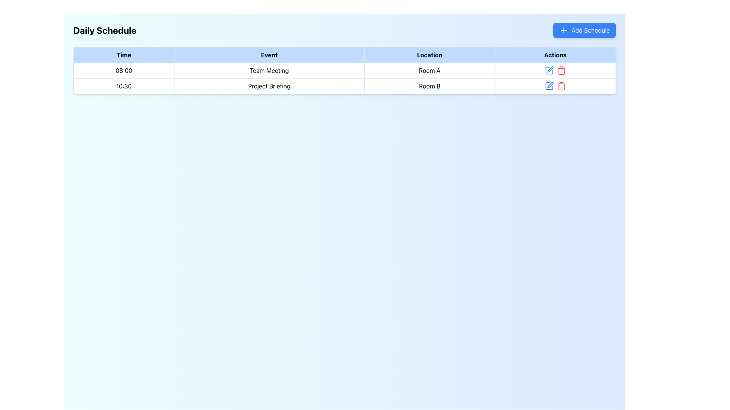  Describe the element at coordinates (549, 70) in the screenshot. I see `the edit icon located in the second row of the 'Actions' column in the table` at that location.